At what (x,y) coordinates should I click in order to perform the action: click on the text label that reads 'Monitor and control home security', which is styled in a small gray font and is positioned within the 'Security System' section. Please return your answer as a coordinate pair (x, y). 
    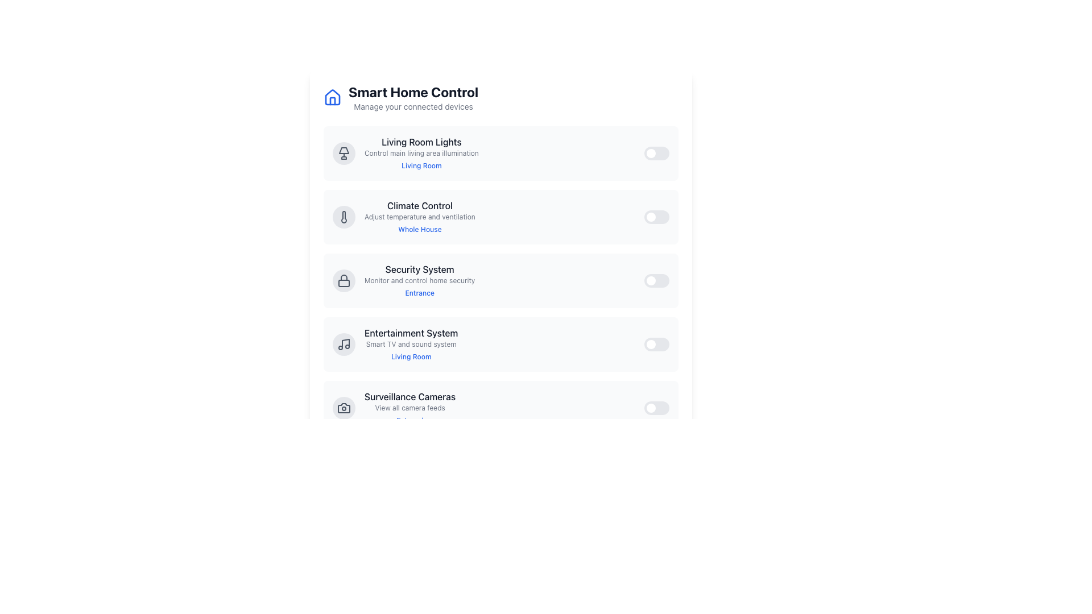
    Looking at the image, I should click on (419, 280).